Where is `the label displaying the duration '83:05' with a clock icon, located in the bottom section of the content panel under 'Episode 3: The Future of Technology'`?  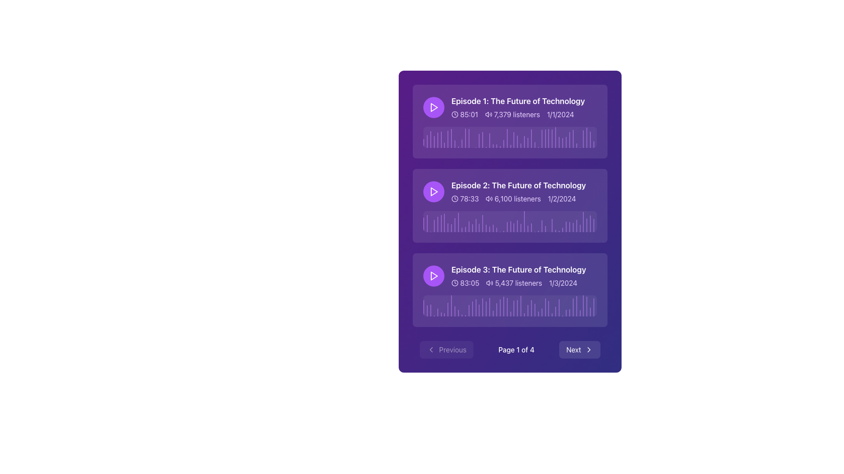 the label displaying the duration '83:05' with a clock icon, located in the bottom section of the content panel under 'Episode 3: The Future of Technology' is located at coordinates (465, 283).